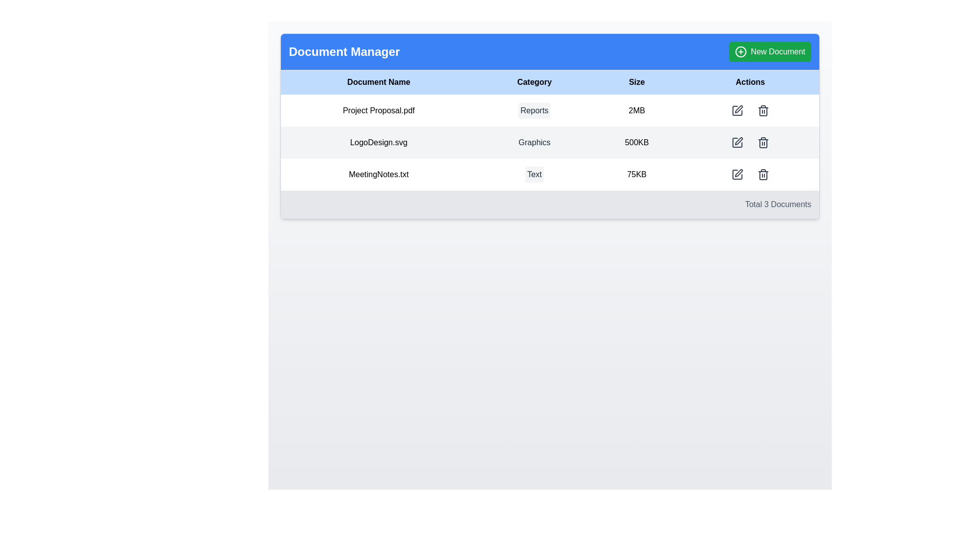 This screenshot has width=958, height=539. What do you see at coordinates (737, 111) in the screenshot?
I see `the edit icon button, which resembles a pen or pencil and is located in the first row of the 'Actions' column, to initiate editing` at bounding box center [737, 111].